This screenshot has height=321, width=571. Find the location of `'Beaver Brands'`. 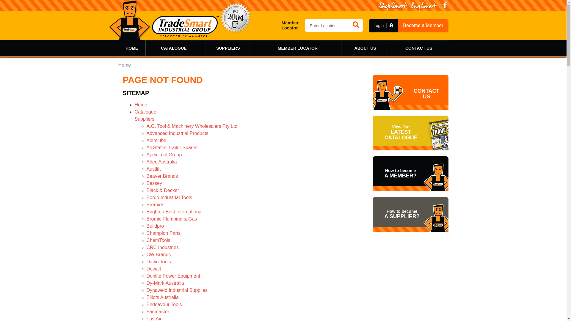

'Beaver Brands' is located at coordinates (162, 176).